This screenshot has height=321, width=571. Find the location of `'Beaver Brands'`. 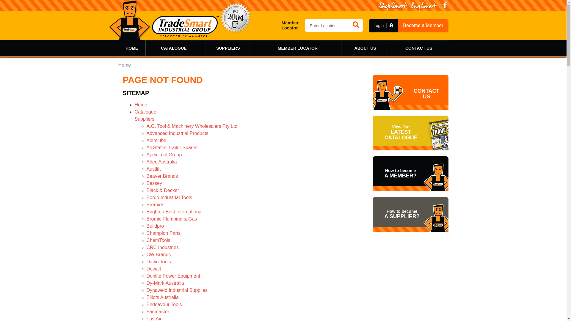

'Beaver Brands' is located at coordinates (162, 176).